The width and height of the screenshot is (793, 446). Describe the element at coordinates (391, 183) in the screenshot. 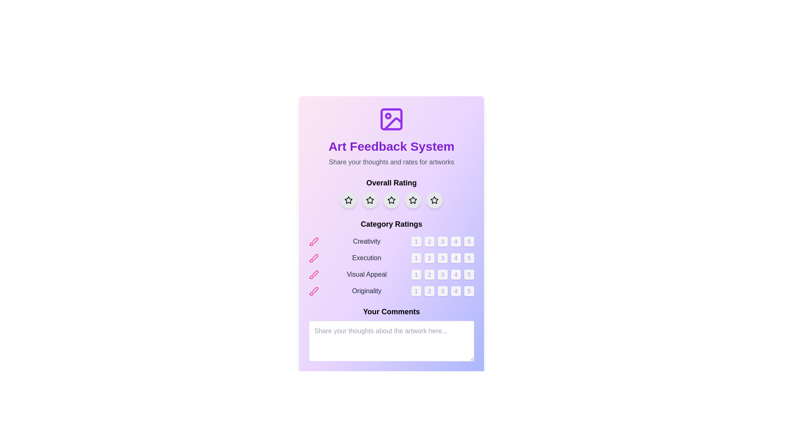

I see `the 'Overall Rating' text label, which is bold and larger, centered above the star icons in the rating section` at that location.